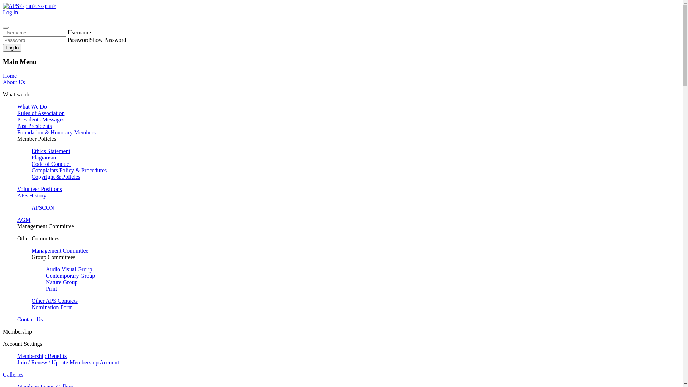  I want to click on 'APS', so click(29, 6).